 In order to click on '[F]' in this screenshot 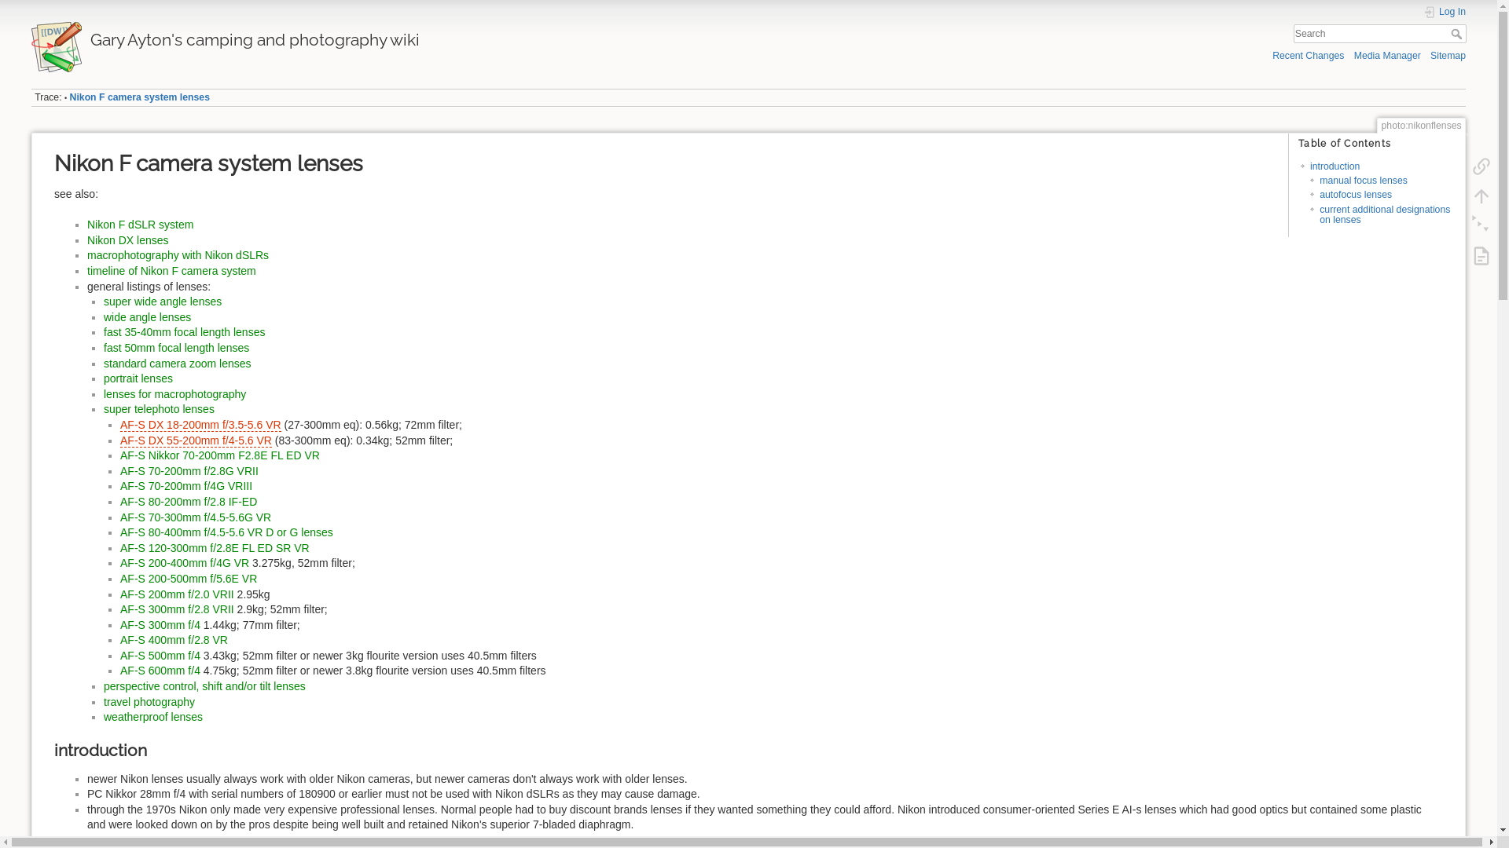, I will do `click(1379, 34)`.